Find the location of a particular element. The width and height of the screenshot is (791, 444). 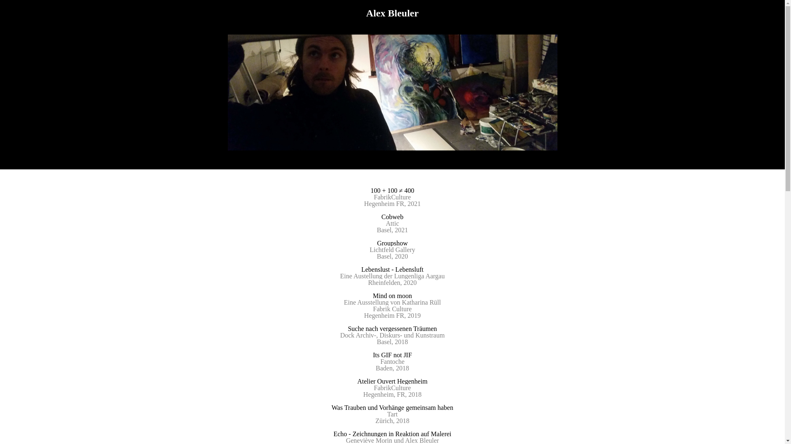

'Fabrik Culture' is located at coordinates (392, 309).